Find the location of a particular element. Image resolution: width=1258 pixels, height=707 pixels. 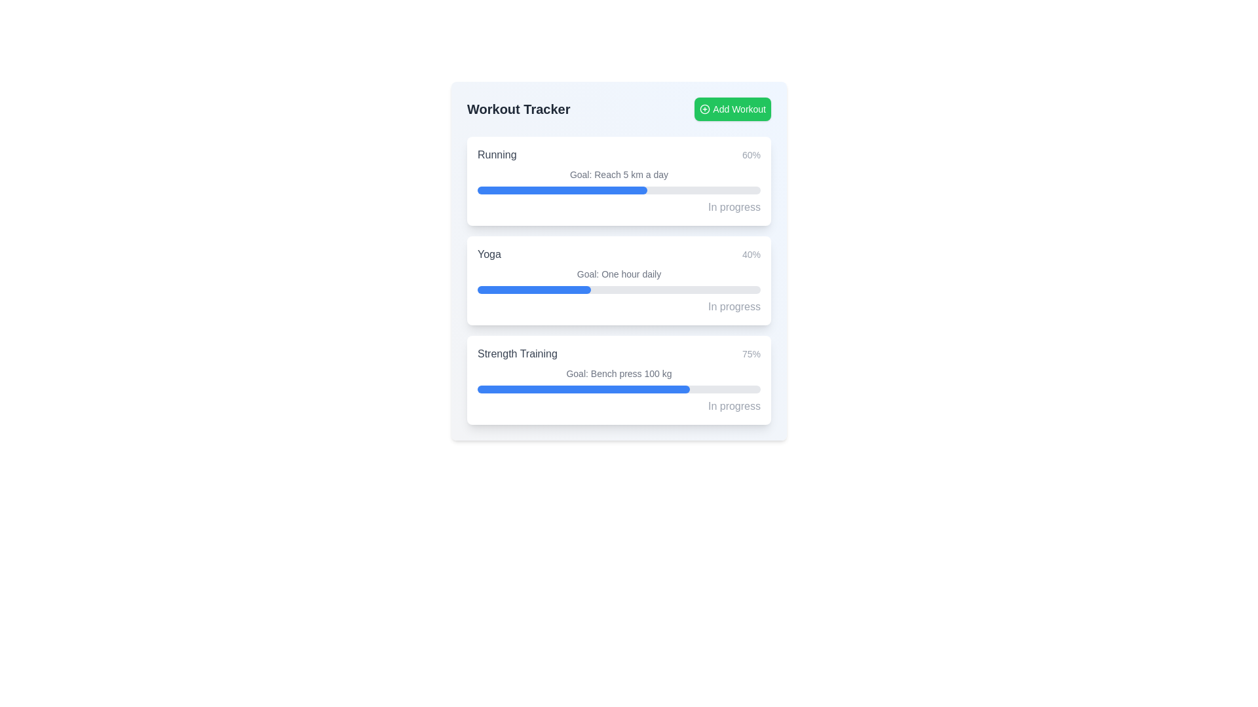

the Progress Indicator segment representing 40% completion in the Yoga category within the gray progress bar is located at coordinates (534, 289).